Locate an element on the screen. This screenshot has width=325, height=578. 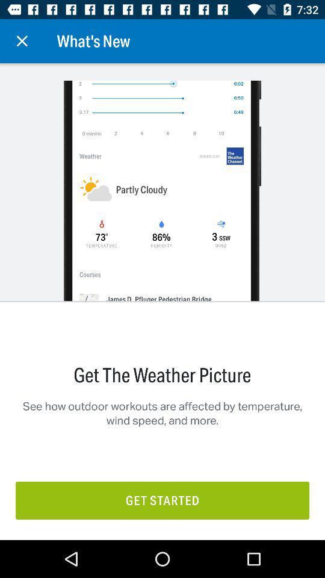
get started is located at coordinates (162, 500).